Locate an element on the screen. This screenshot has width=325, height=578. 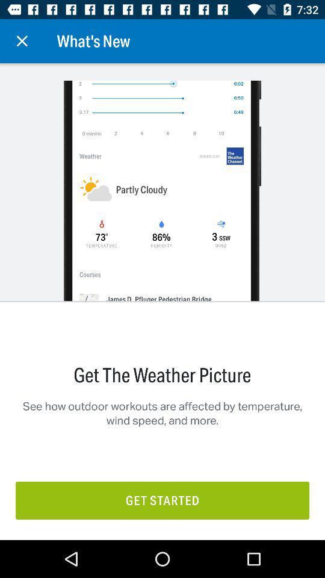
get started is located at coordinates (162, 500).